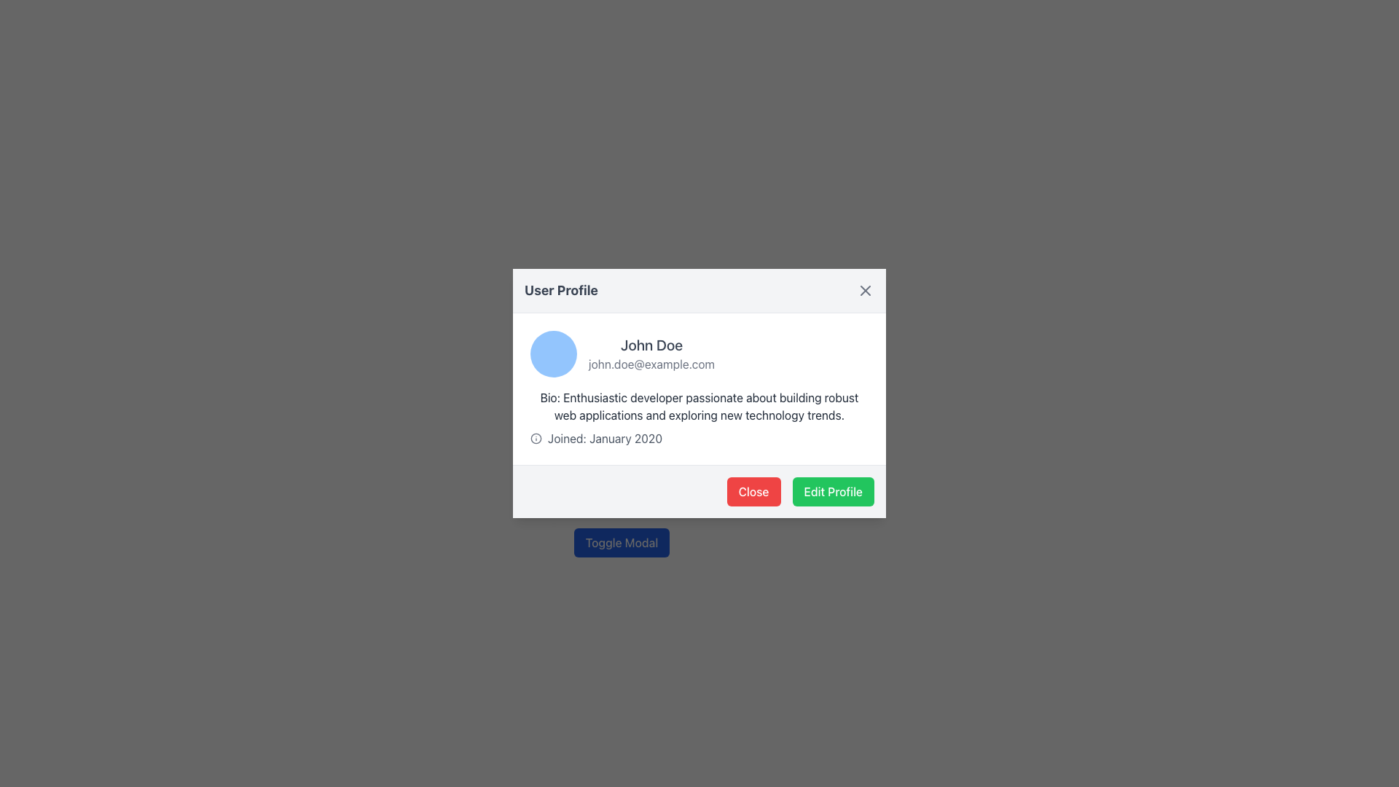  I want to click on the 'Edit Profile' button located in the bottom right corner of the modal dialog box to initiate profile editing, so click(833, 492).